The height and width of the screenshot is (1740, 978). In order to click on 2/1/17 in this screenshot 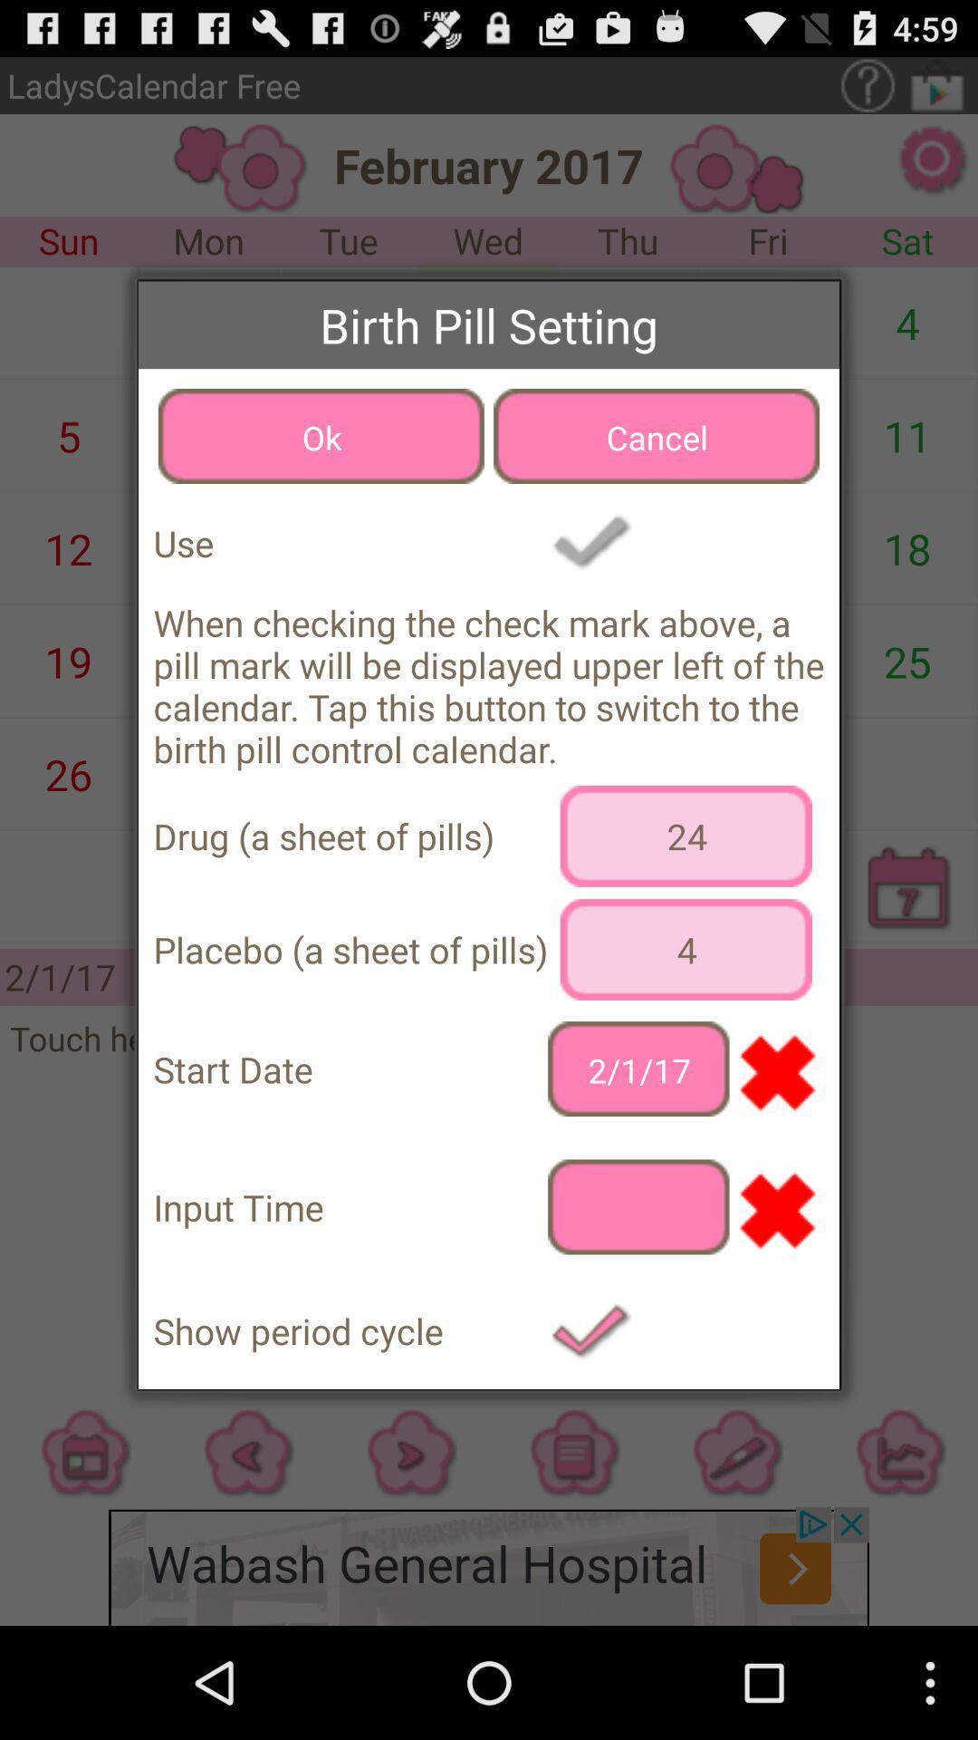, I will do `click(638, 1068)`.